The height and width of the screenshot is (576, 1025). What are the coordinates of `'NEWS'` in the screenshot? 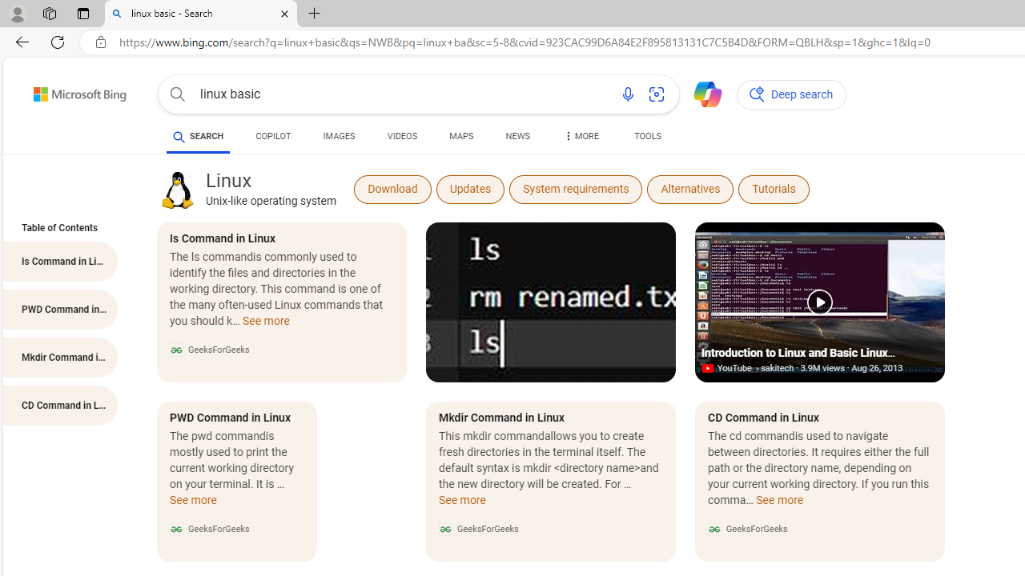 It's located at (517, 136).